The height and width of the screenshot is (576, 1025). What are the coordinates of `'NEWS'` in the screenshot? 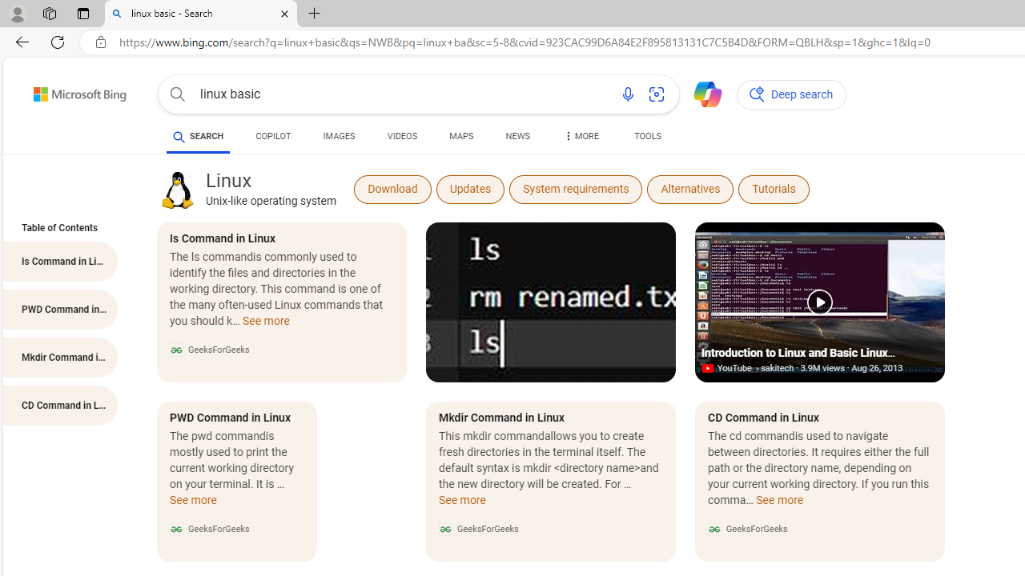 It's located at (517, 136).